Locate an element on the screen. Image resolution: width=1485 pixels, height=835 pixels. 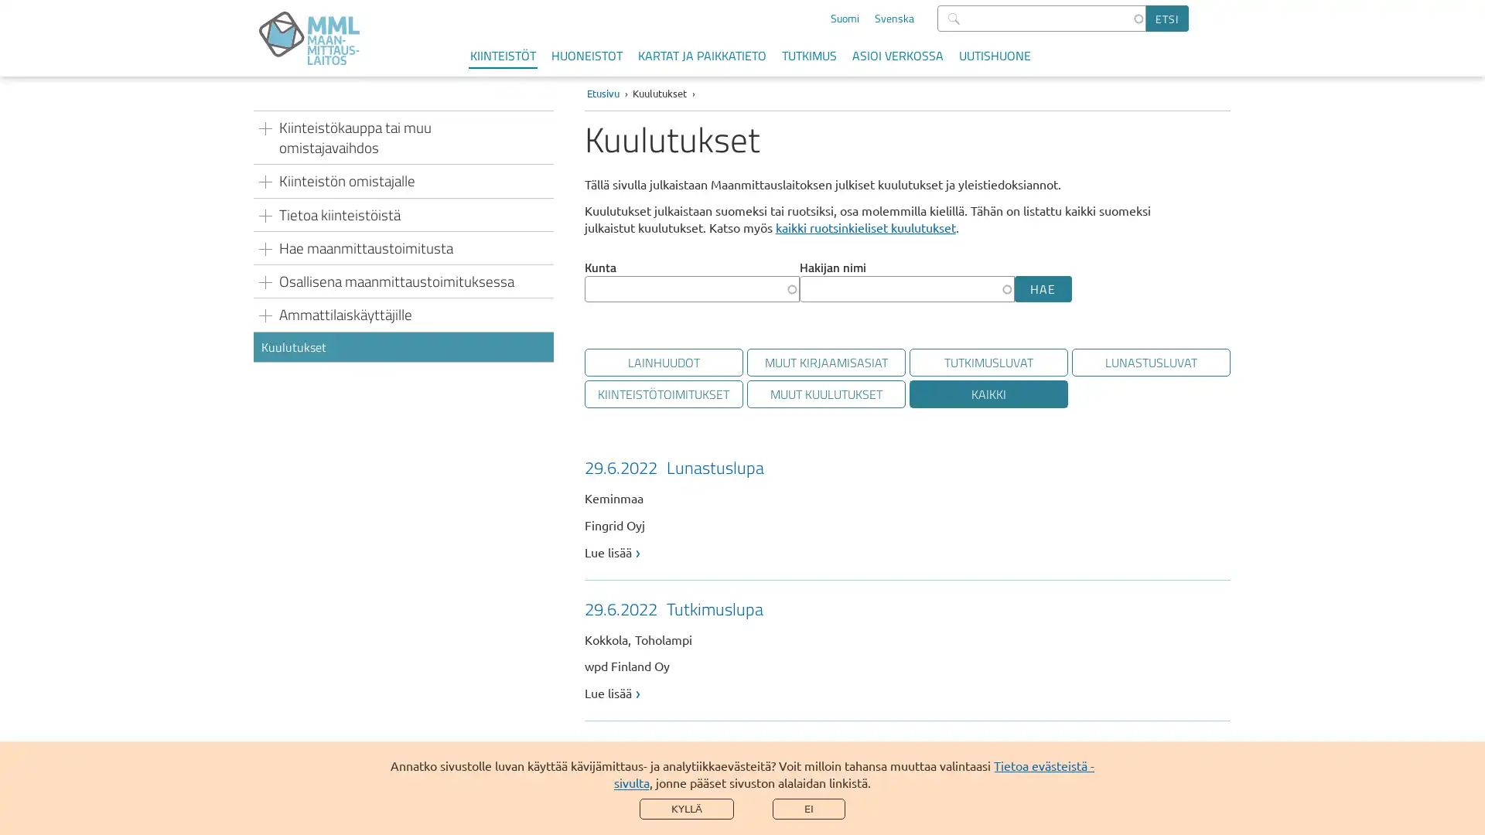
TUTKIMUSLUVAT is located at coordinates (987, 363).